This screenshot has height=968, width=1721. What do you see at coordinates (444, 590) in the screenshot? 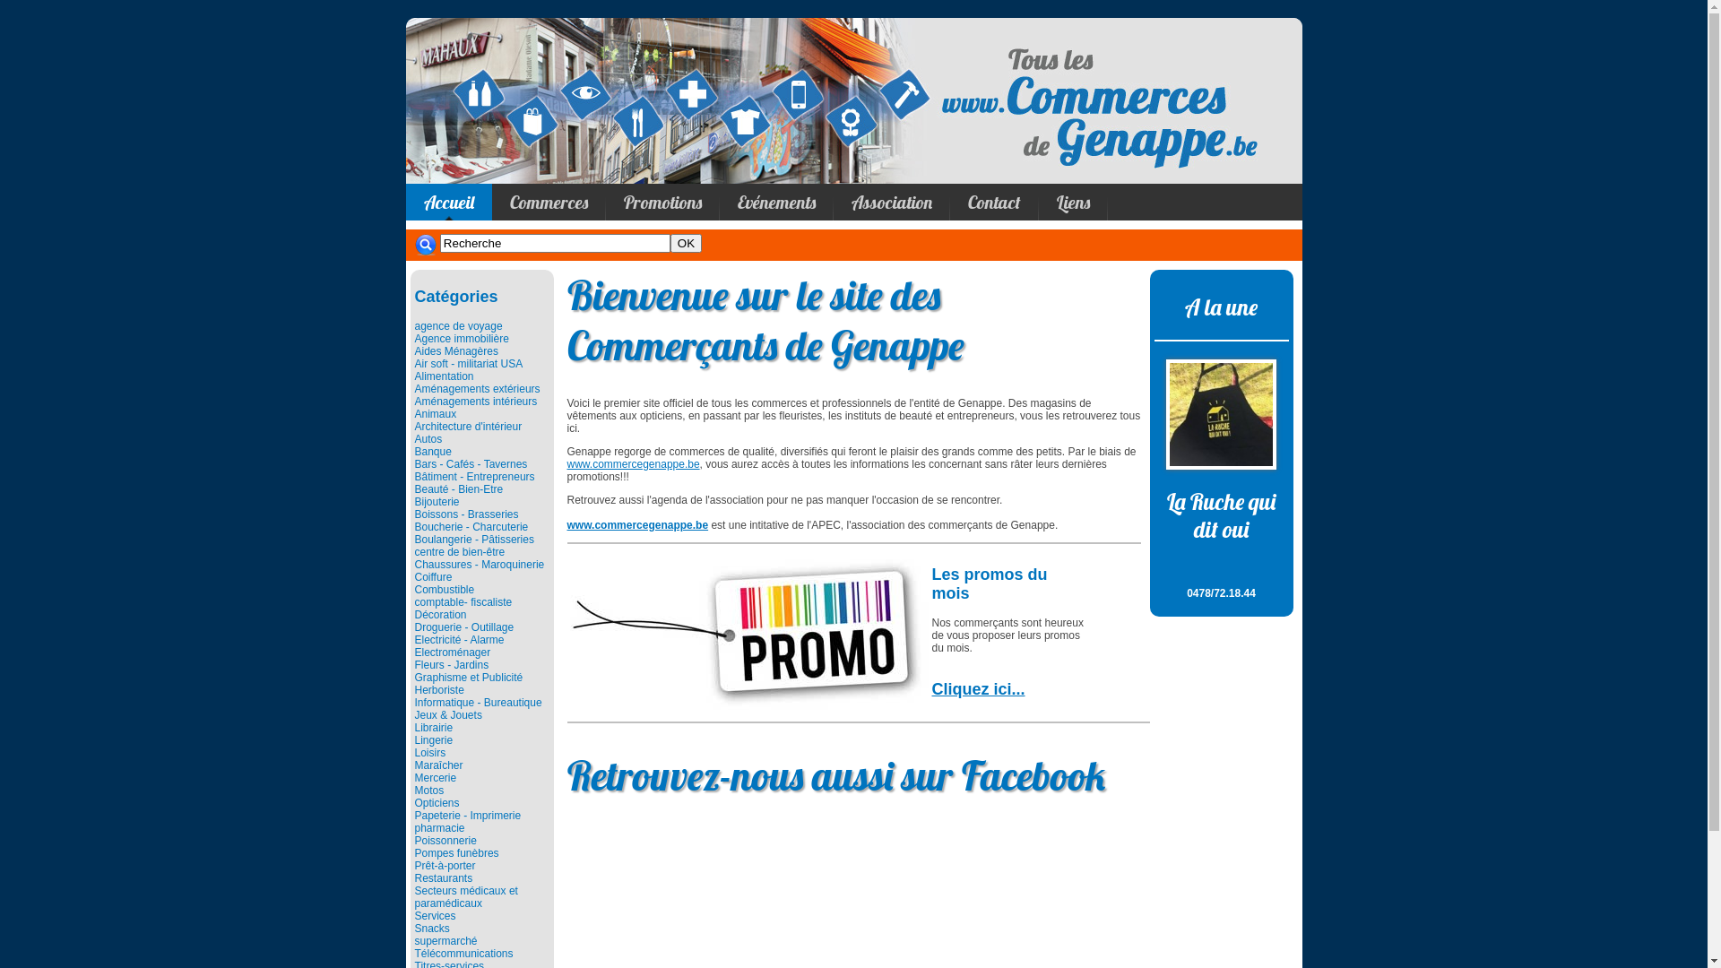
I see `'Combustible'` at bounding box center [444, 590].